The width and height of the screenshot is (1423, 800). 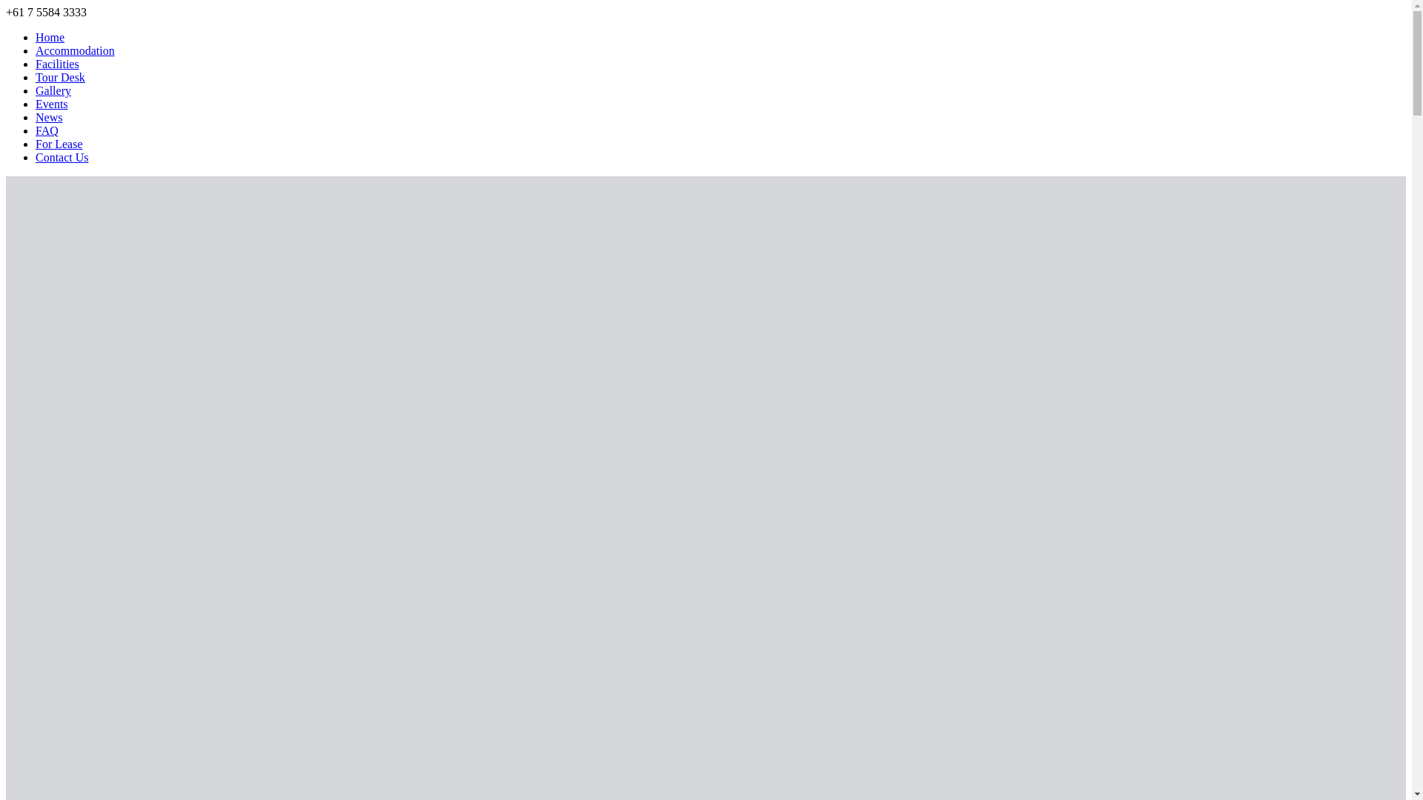 I want to click on 'Tour Desk', so click(x=59, y=77).